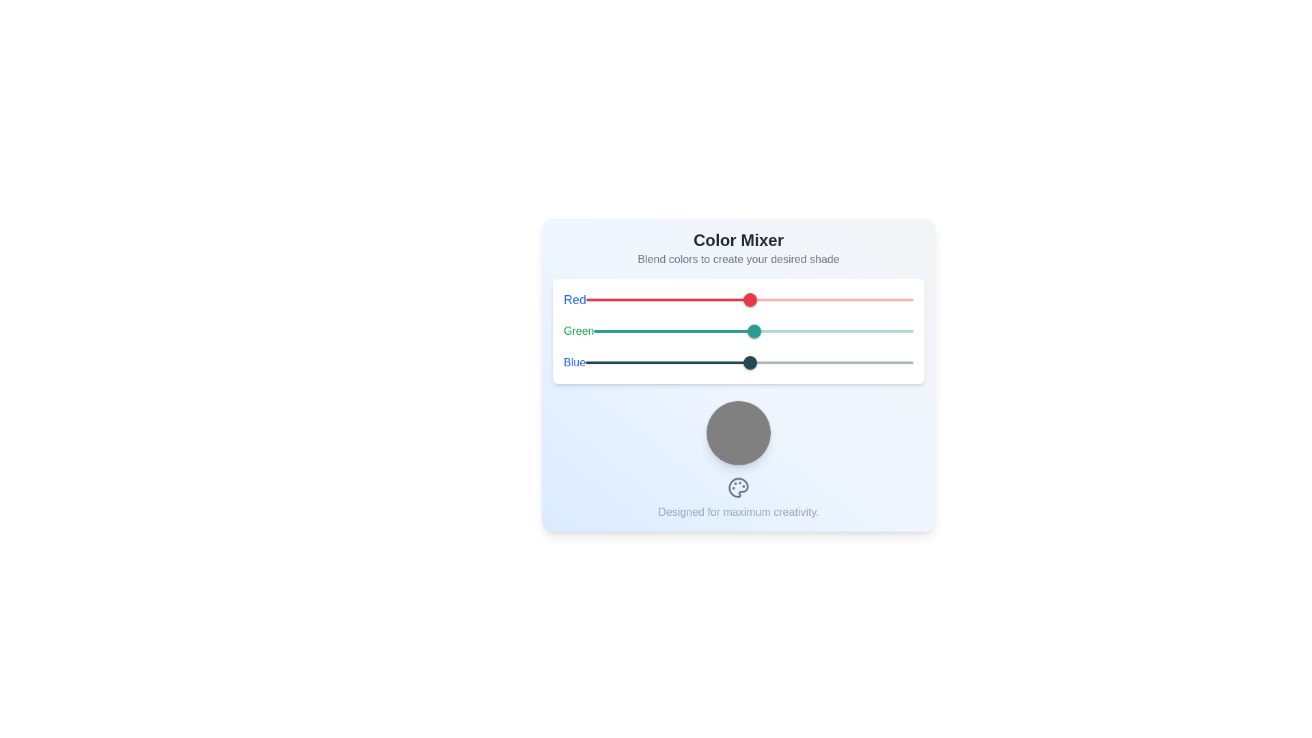 The width and height of the screenshot is (1312, 738). I want to click on the red component of the color, so click(756, 299).